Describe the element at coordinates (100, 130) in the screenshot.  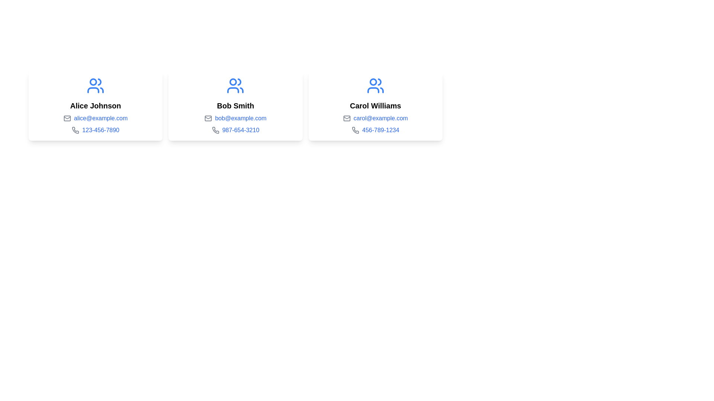
I see `the clickable telephone link for '123-456-7890' located in the leftmost user card of Alice Johnson` at that location.